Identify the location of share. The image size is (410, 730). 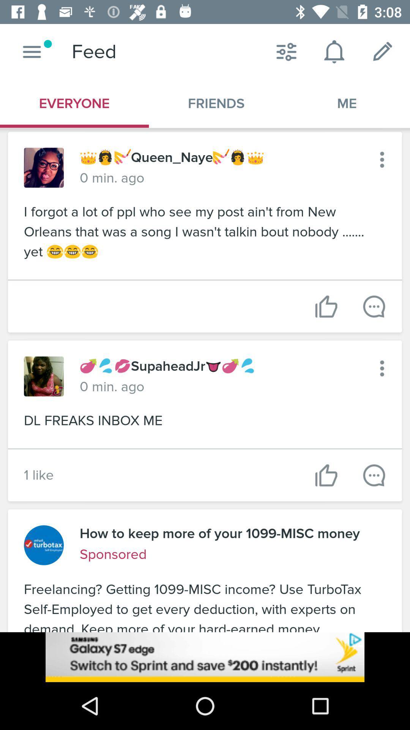
(374, 306).